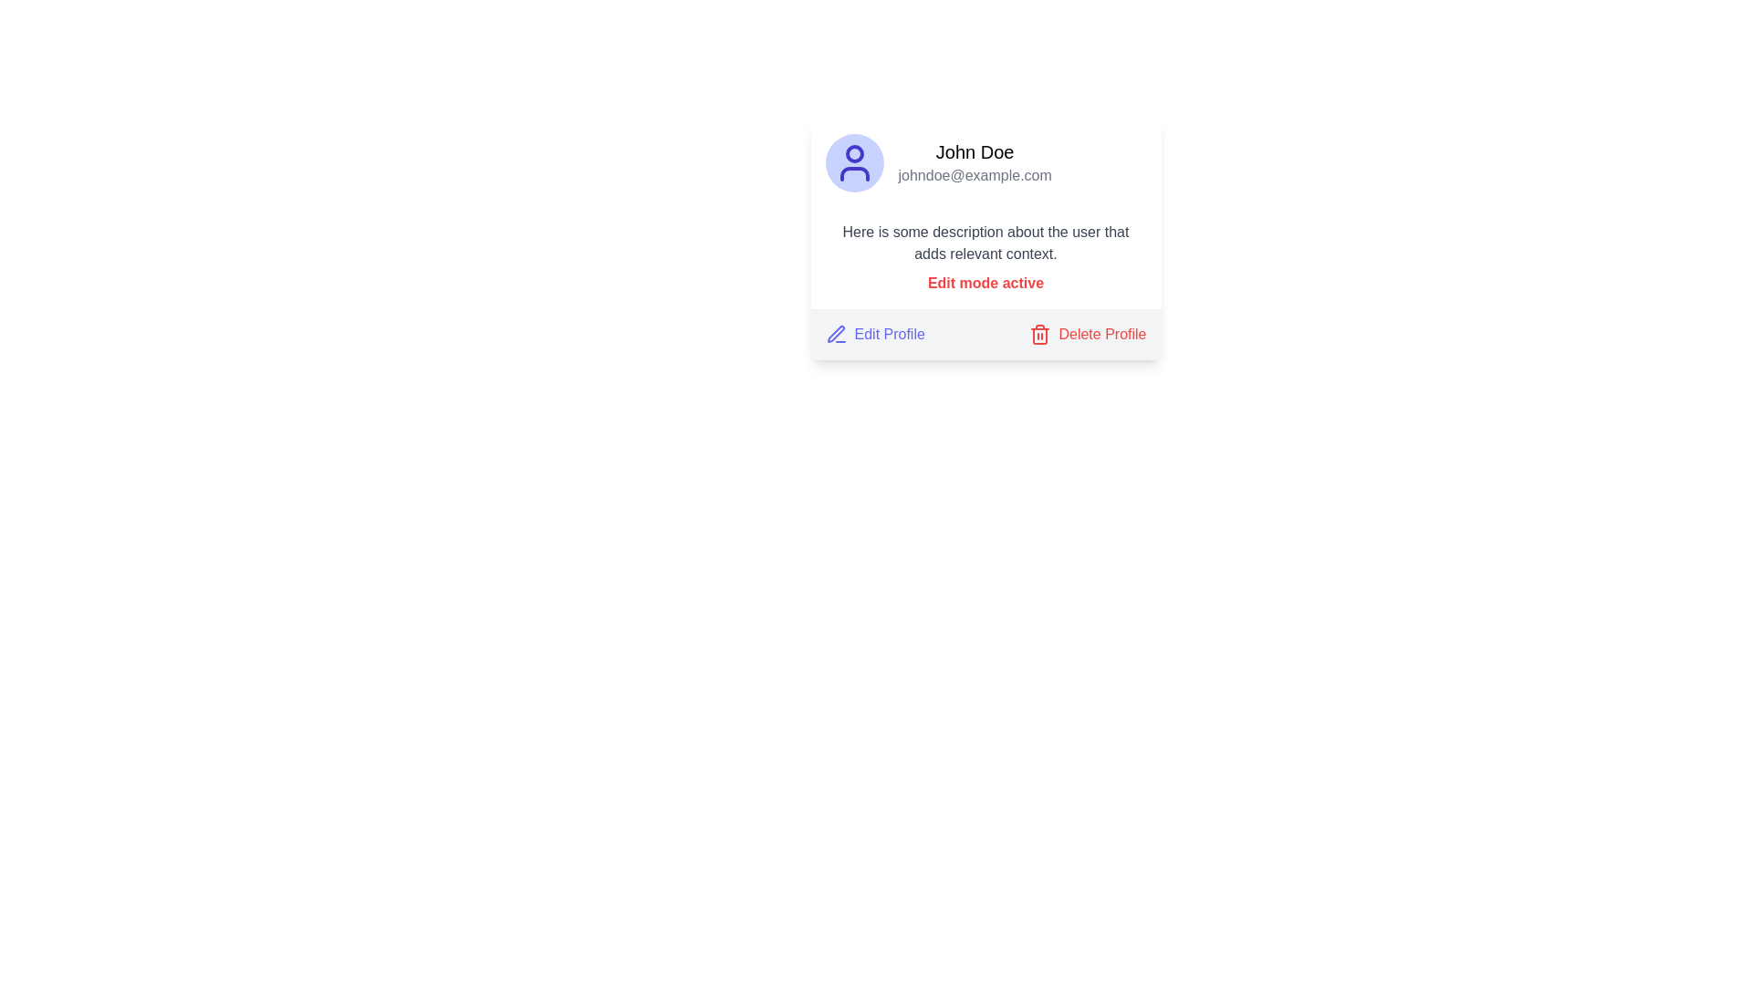  What do you see at coordinates (938, 161) in the screenshot?
I see `the User Profile Section that displays the user's name and email with a circular avatar, located at the upper-middle of the card layout` at bounding box center [938, 161].